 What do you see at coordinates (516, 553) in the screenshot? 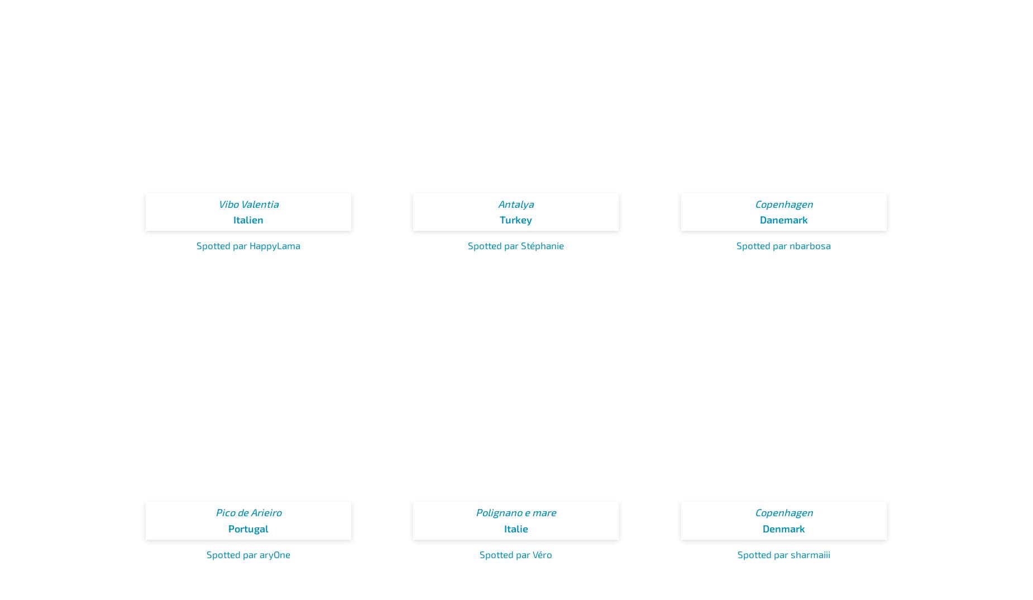
I see `'Spotted par Véro'` at bounding box center [516, 553].